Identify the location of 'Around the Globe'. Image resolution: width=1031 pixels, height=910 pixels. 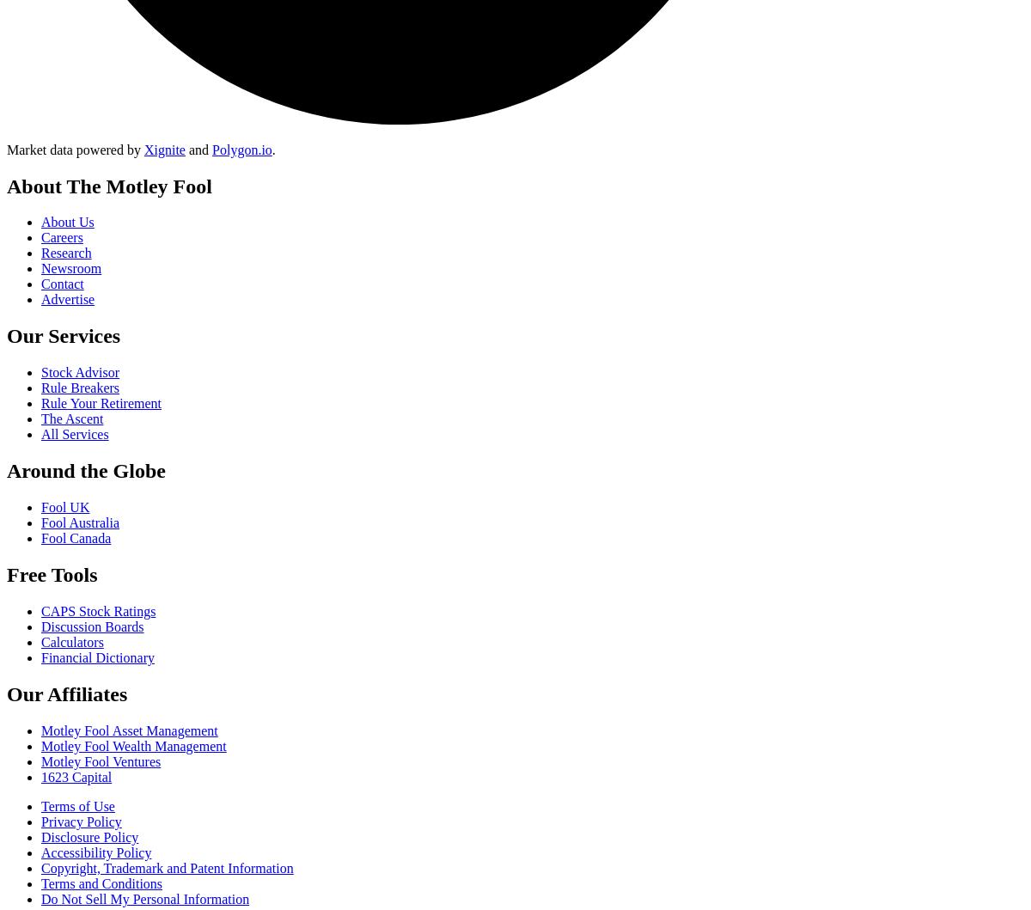
(85, 470).